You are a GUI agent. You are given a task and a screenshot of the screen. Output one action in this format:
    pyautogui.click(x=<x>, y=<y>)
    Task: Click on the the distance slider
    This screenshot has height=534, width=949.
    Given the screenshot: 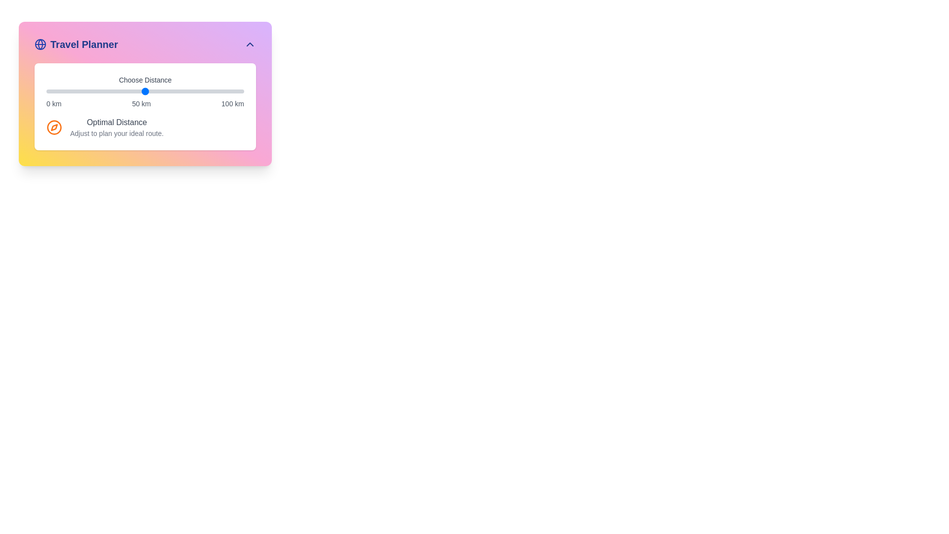 What is the action you would take?
    pyautogui.click(x=92, y=91)
    